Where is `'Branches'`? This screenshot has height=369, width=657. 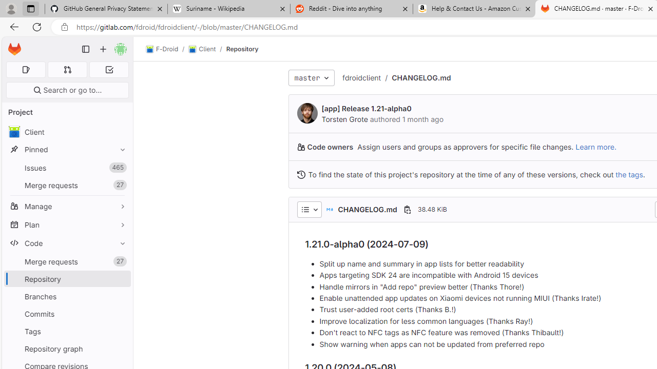 'Branches' is located at coordinates (67, 296).